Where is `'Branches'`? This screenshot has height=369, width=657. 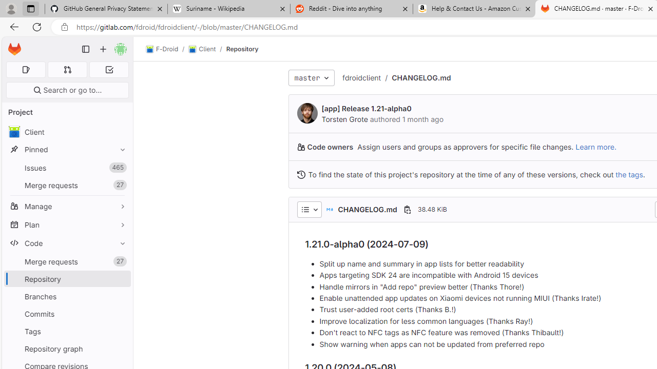 'Branches' is located at coordinates (67, 296).